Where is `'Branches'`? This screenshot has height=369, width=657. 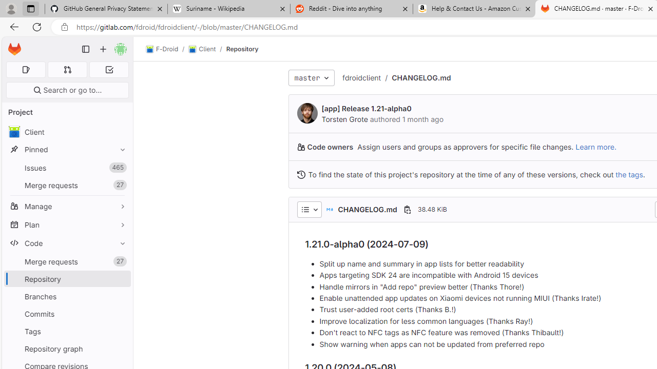 'Branches' is located at coordinates (67, 296).